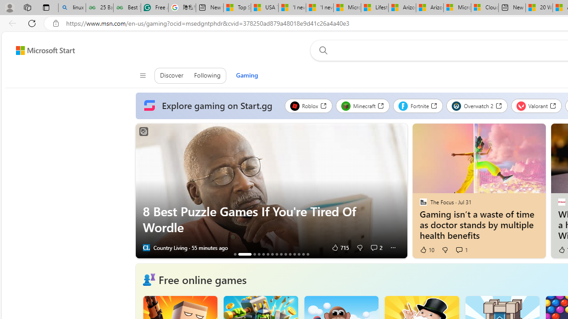 The height and width of the screenshot is (319, 568). I want to click on 'AutomationID: tab_nativead-resinfopane-6', so click(267, 254).